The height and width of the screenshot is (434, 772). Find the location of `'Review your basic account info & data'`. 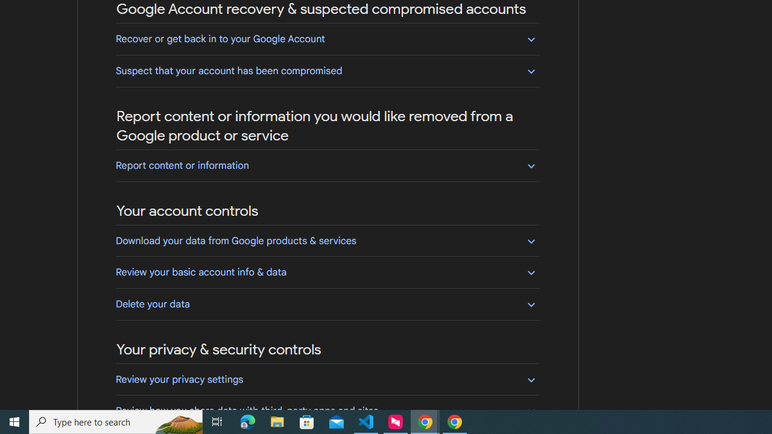

'Review your basic account info & data' is located at coordinates (327, 272).